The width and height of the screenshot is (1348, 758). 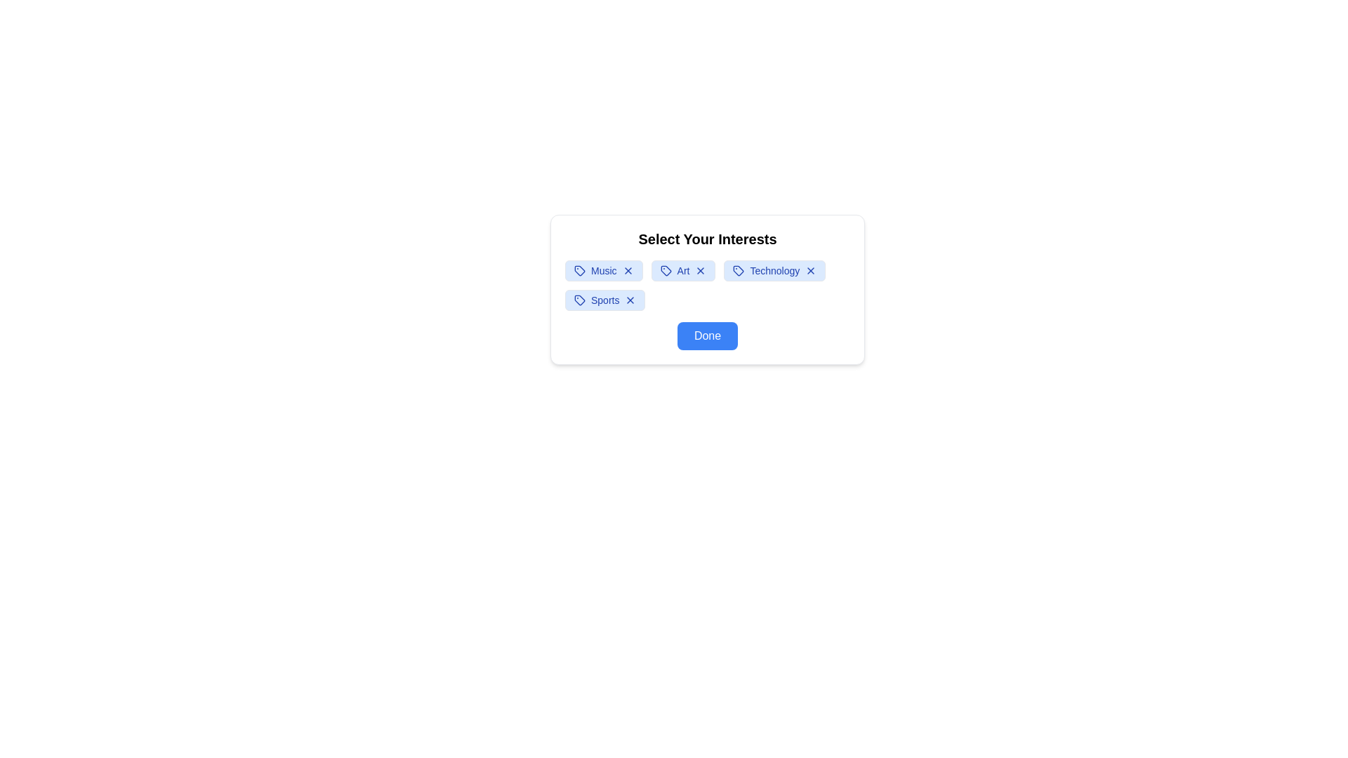 What do you see at coordinates (605, 300) in the screenshot?
I see `the text within the interest tag labeled 'Sports' to select it` at bounding box center [605, 300].